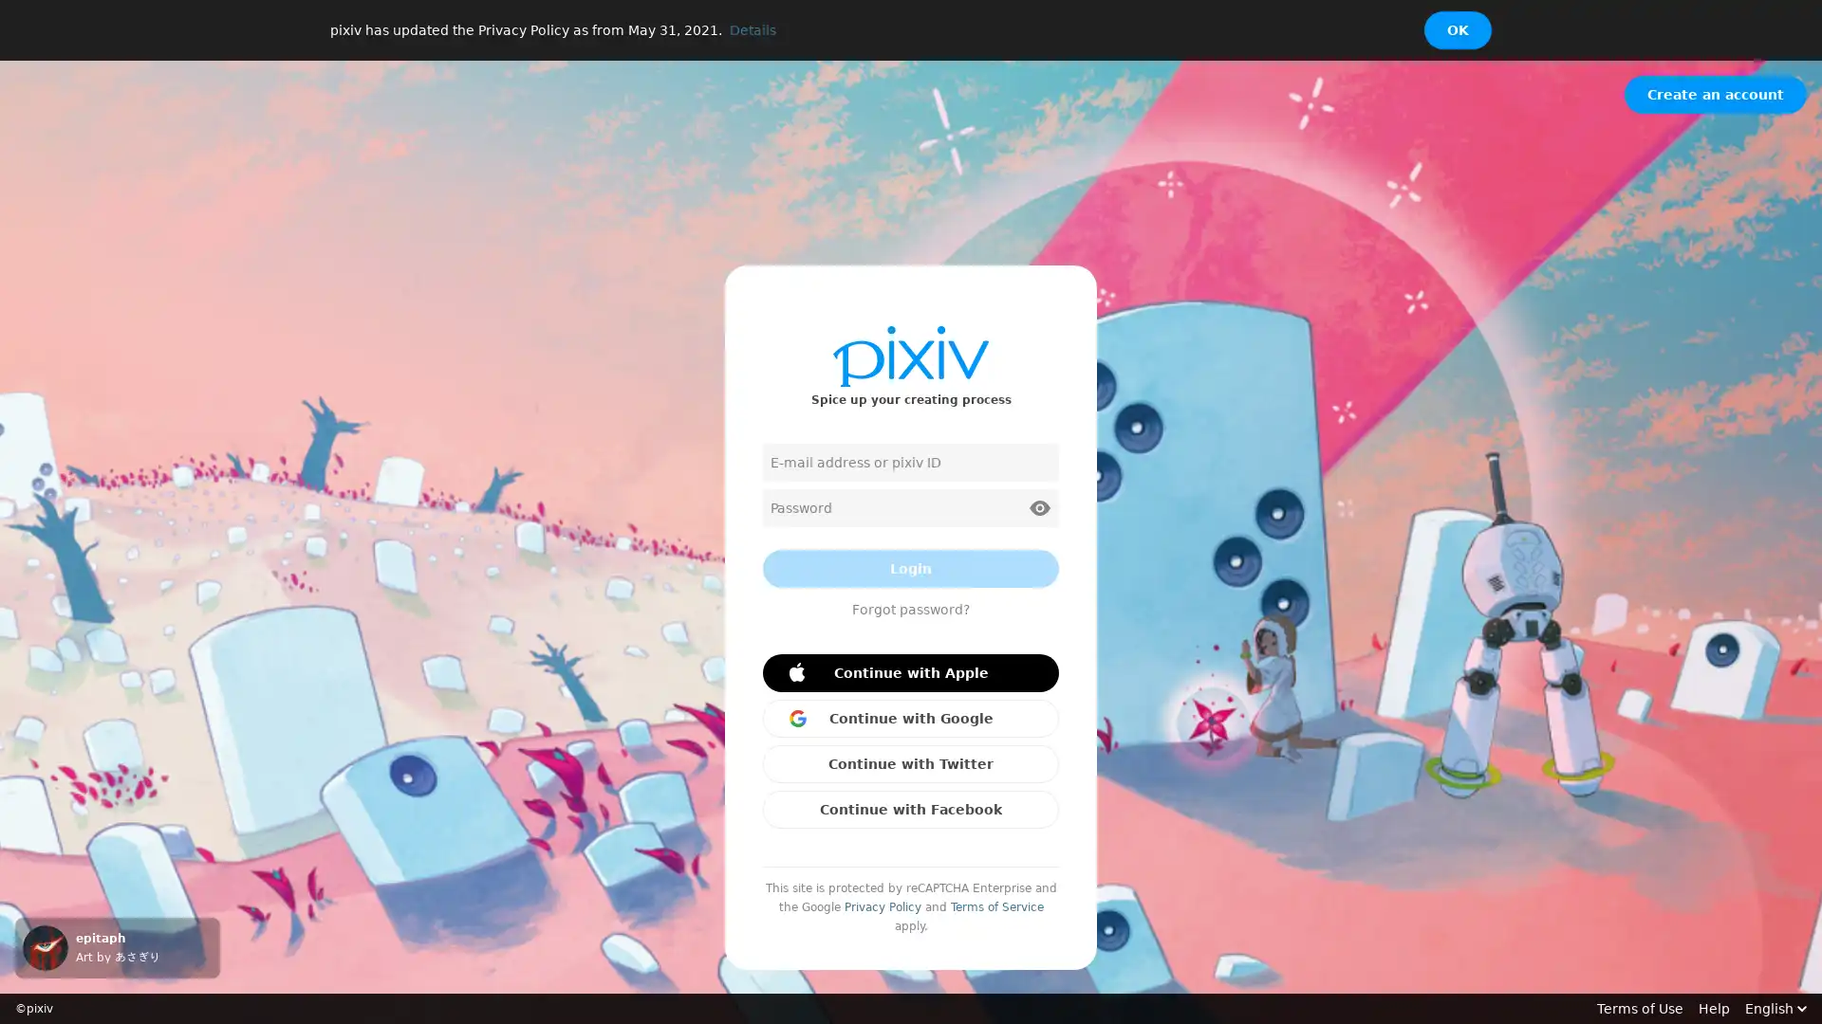  Describe the element at coordinates (911, 763) in the screenshot. I see `Continue with Twitter` at that location.